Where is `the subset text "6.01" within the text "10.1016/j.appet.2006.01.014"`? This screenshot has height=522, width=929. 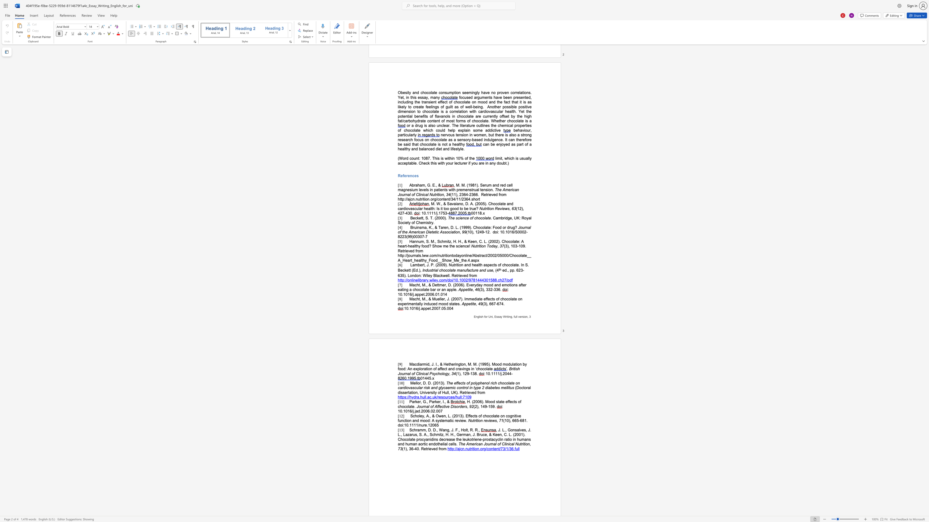
the subset text "6.01" within the text "10.1016/j.appet.2006.01.014" is located at coordinates (432, 294).